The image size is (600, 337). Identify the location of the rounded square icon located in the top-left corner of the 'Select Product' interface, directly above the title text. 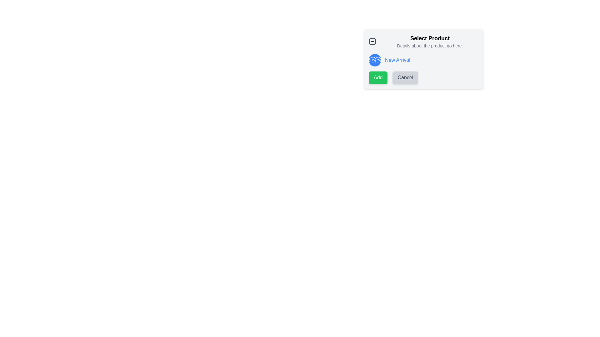
(372, 41).